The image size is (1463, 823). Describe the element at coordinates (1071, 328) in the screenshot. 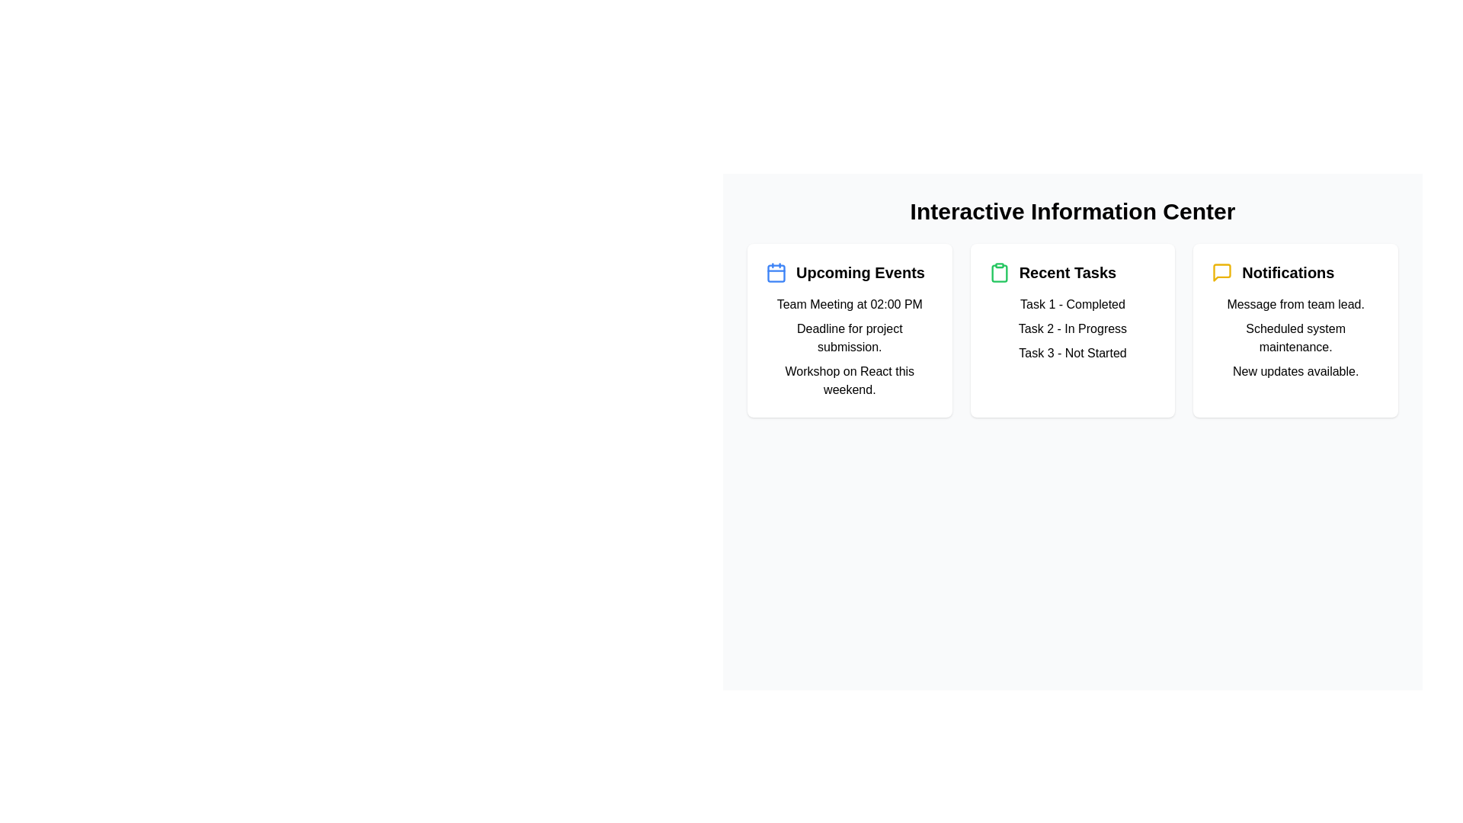

I see `the informational list that summarizes the statuses of three tasks located in the 'Recent Tasks' section beneath the header 'Recent Tasks'` at that location.